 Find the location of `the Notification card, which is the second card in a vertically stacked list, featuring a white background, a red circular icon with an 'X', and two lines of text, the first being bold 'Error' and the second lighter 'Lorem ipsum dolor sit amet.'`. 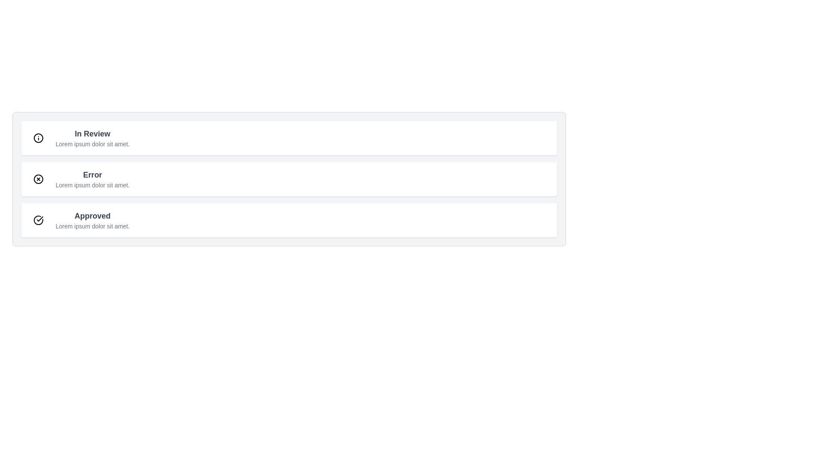

the Notification card, which is the second card in a vertically stacked list, featuring a white background, a red circular icon with an 'X', and two lines of text, the first being bold 'Error' and the second lighter 'Lorem ipsum dolor sit amet.' is located at coordinates (289, 179).